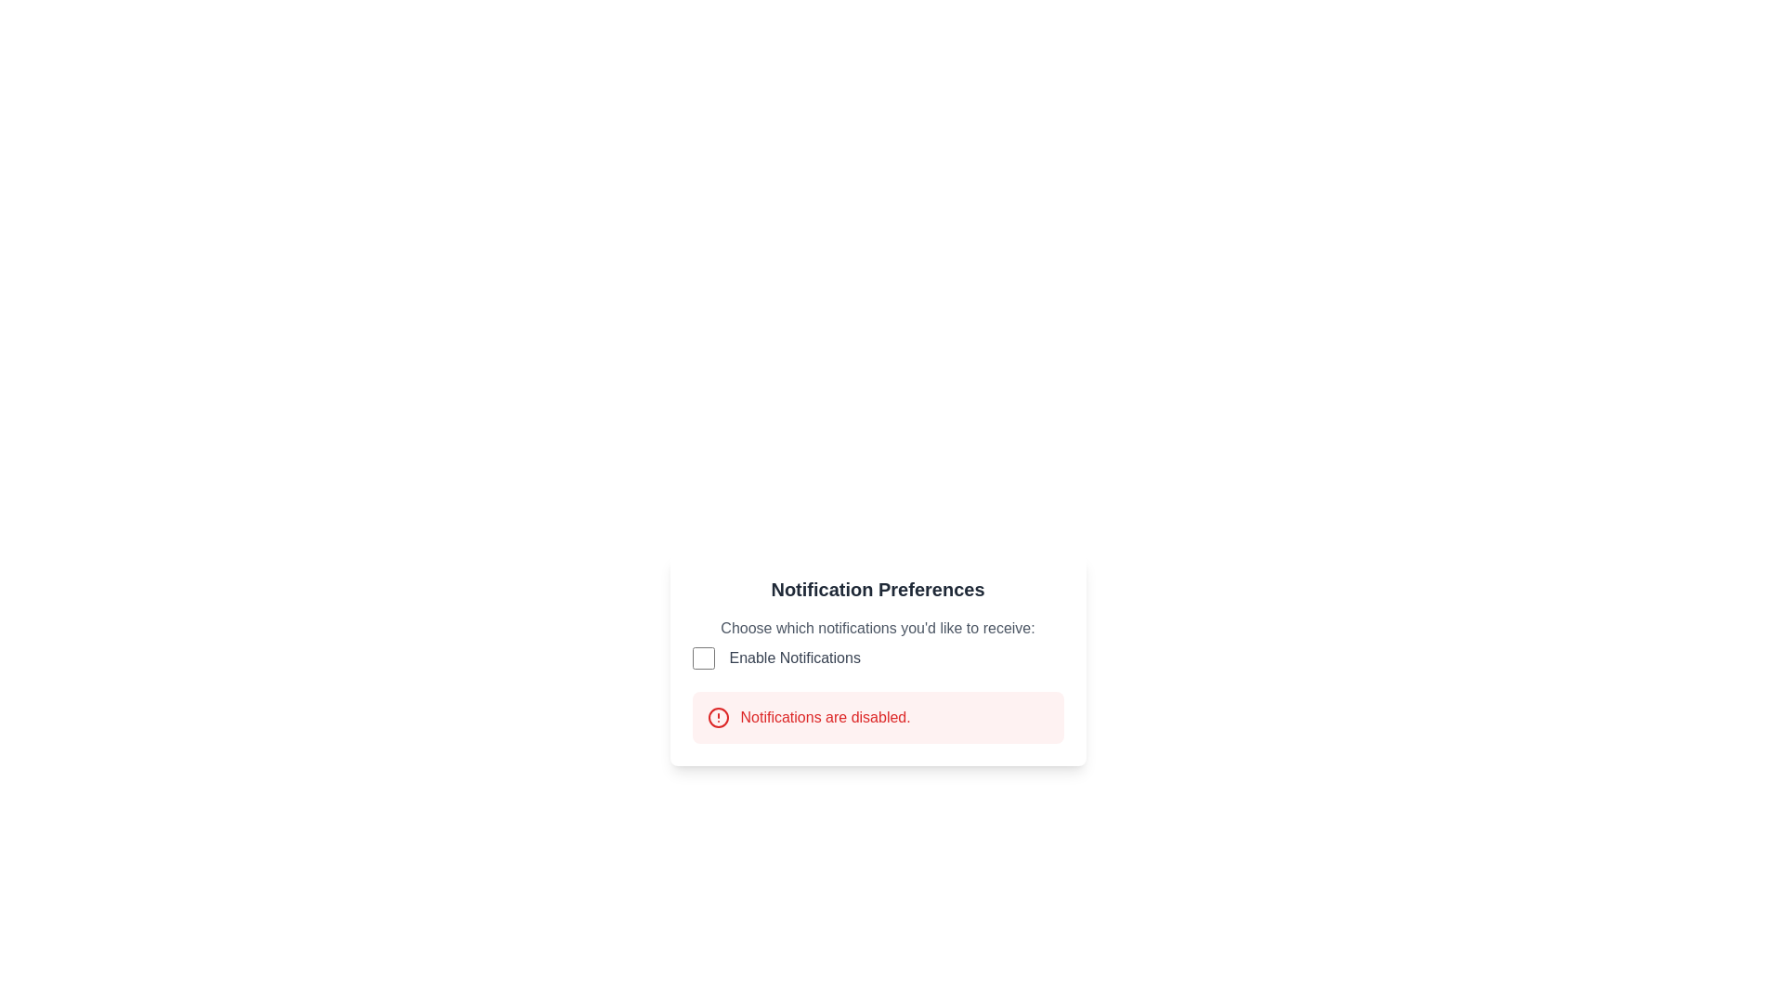 Image resolution: width=1783 pixels, height=1003 pixels. What do you see at coordinates (877, 716) in the screenshot?
I see `the text label indicating that notifications are currently turned off, which is located at the bottom of the notification preferences section, below the 'Enable Notifications' checkbox, and aligned with an alert icon` at bounding box center [877, 716].